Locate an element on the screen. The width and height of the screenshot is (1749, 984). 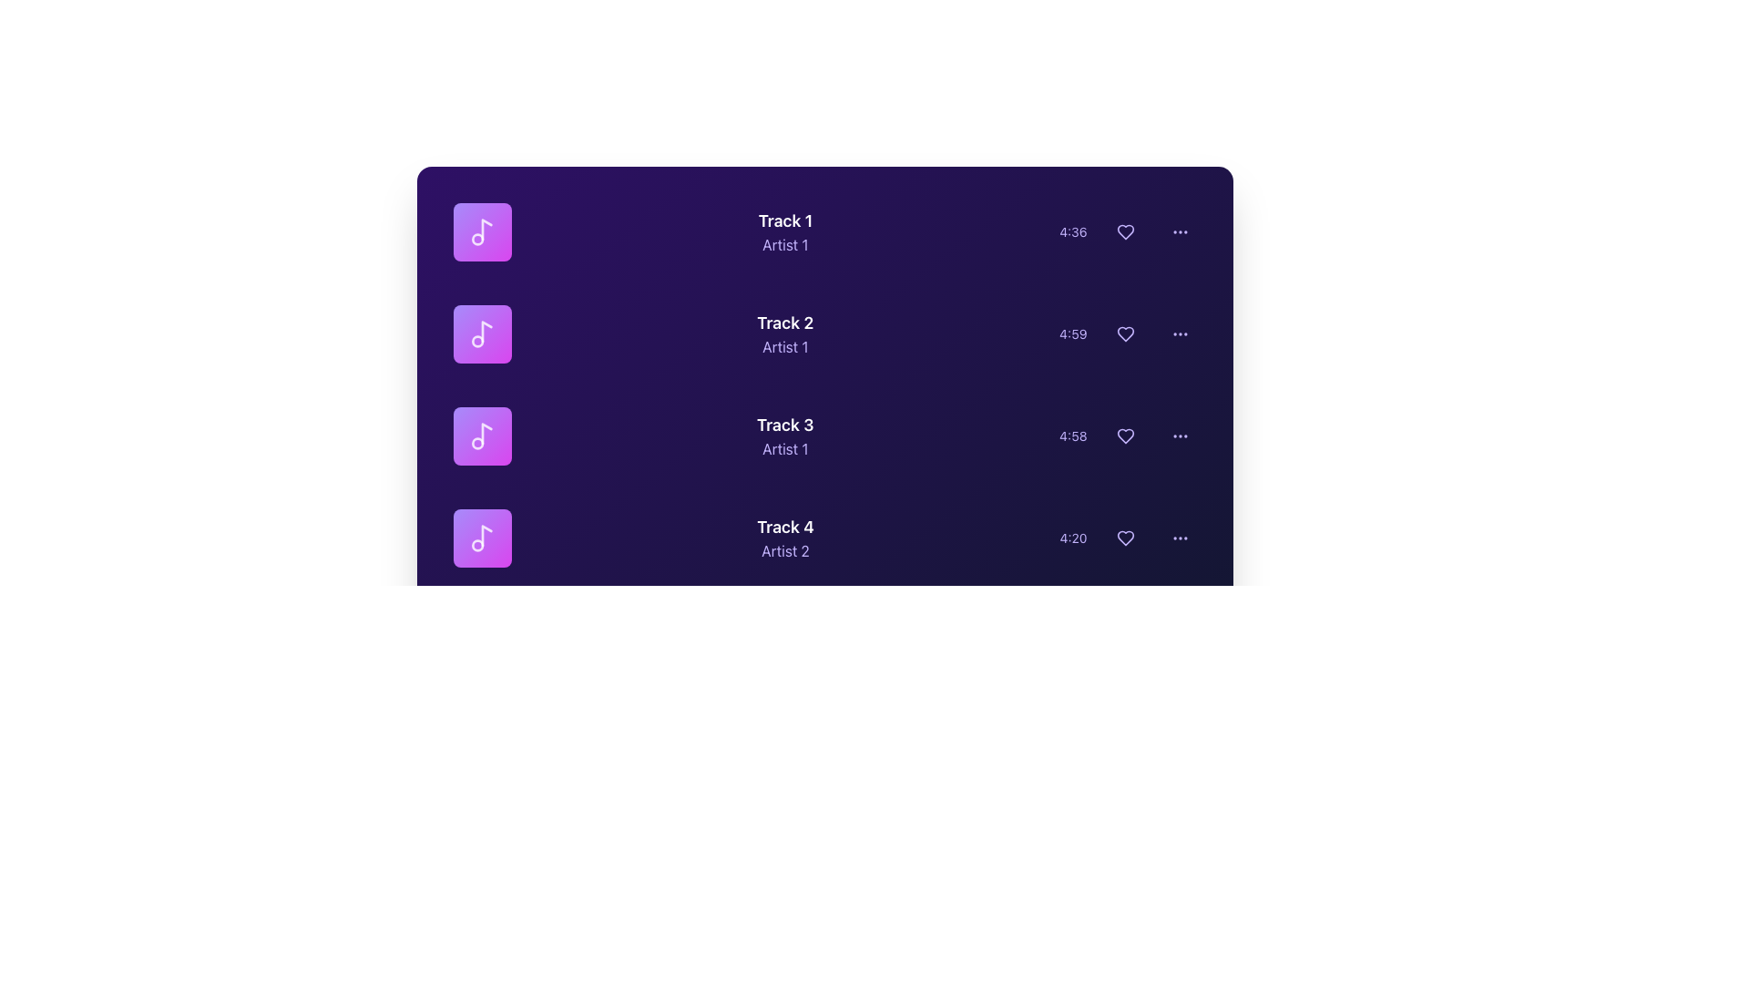
the text display element that shows the title and artist information for a track is located at coordinates (785, 231).